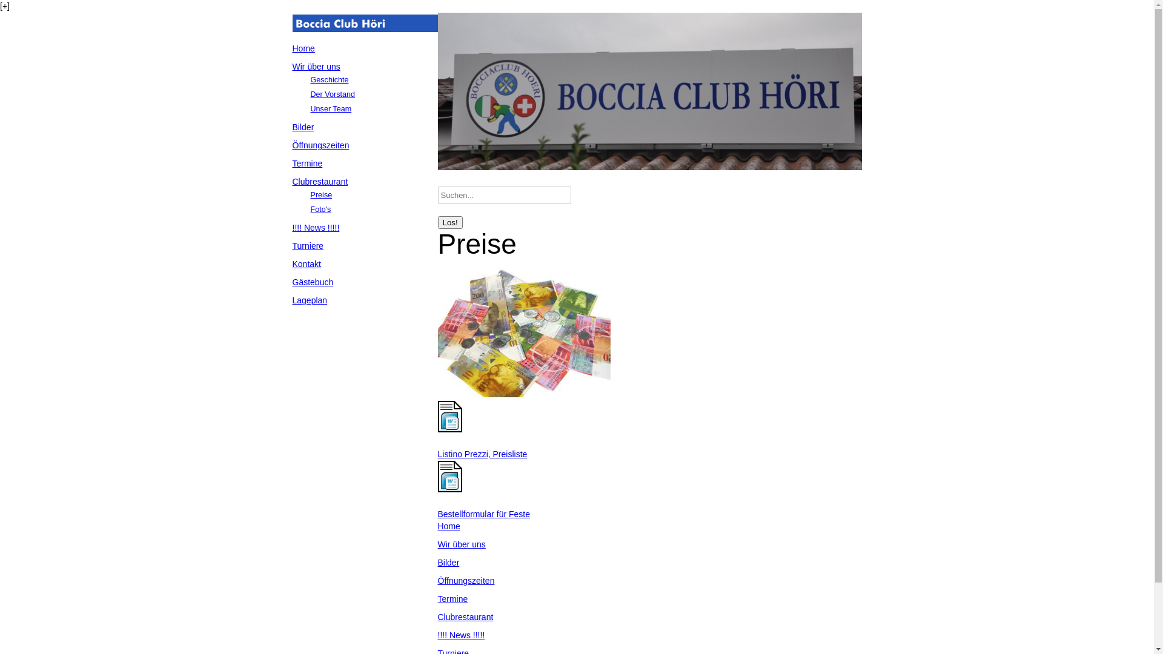  Describe the element at coordinates (303, 48) in the screenshot. I see `'Home'` at that location.